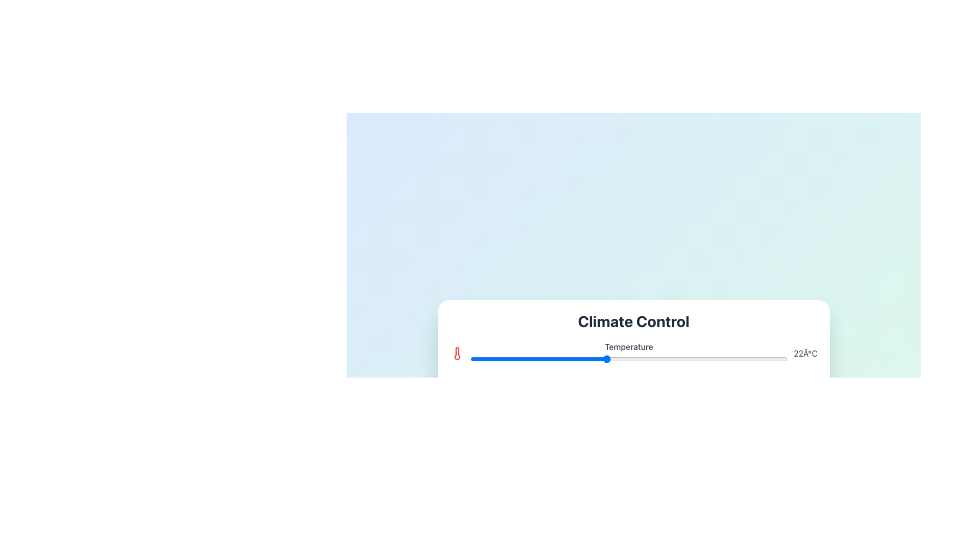 Image resolution: width=980 pixels, height=551 pixels. I want to click on temperature, so click(674, 359).